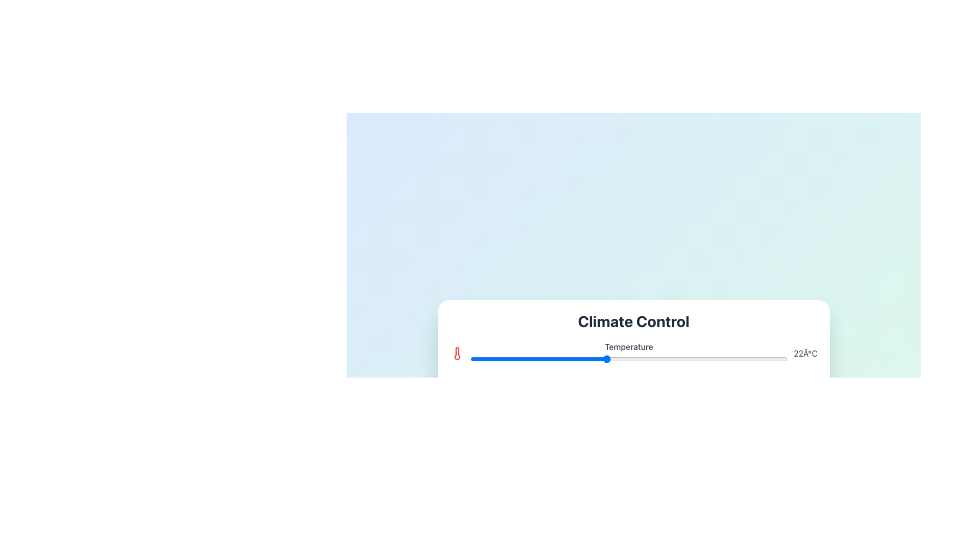 Image resolution: width=980 pixels, height=551 pixels. I want to click on temperature, so click(674, 359).